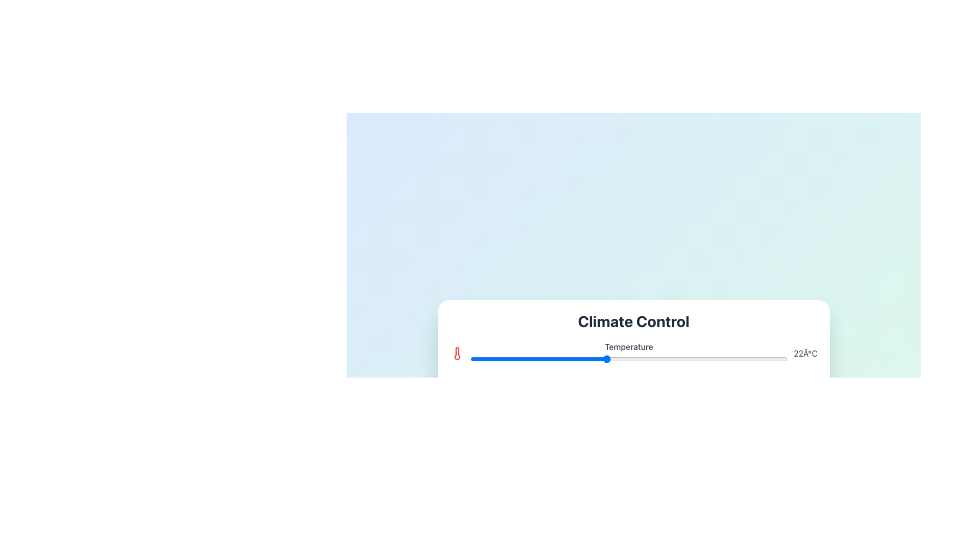 Image resolution: width=980 pixels, height=551 pixels. I want to click on temperature, so click(674, 359).